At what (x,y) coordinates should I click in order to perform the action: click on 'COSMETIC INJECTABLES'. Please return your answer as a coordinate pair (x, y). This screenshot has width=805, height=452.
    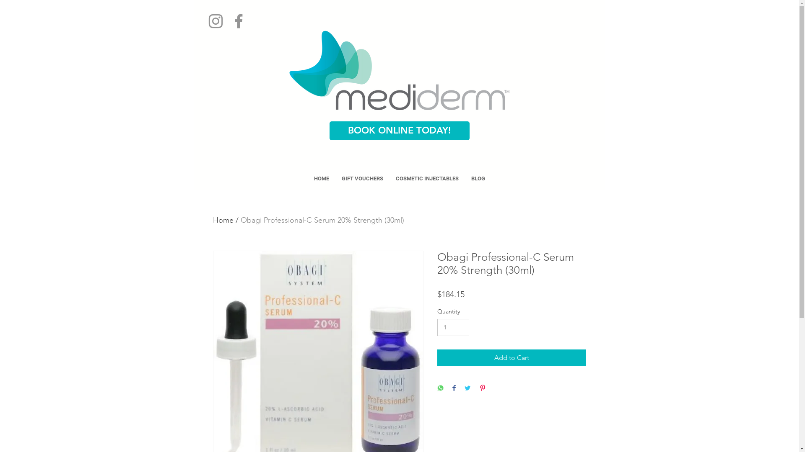
    Looking at the image, I should click on (389, 178).